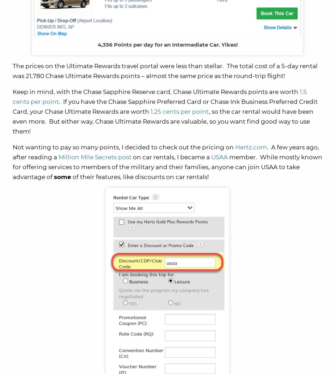 This screenshot has height=374, width=335. What do you see at coordinates (179, 112) in the screenshot?
I see `'1.25 cents per point'` at bounding box center [179, 112].